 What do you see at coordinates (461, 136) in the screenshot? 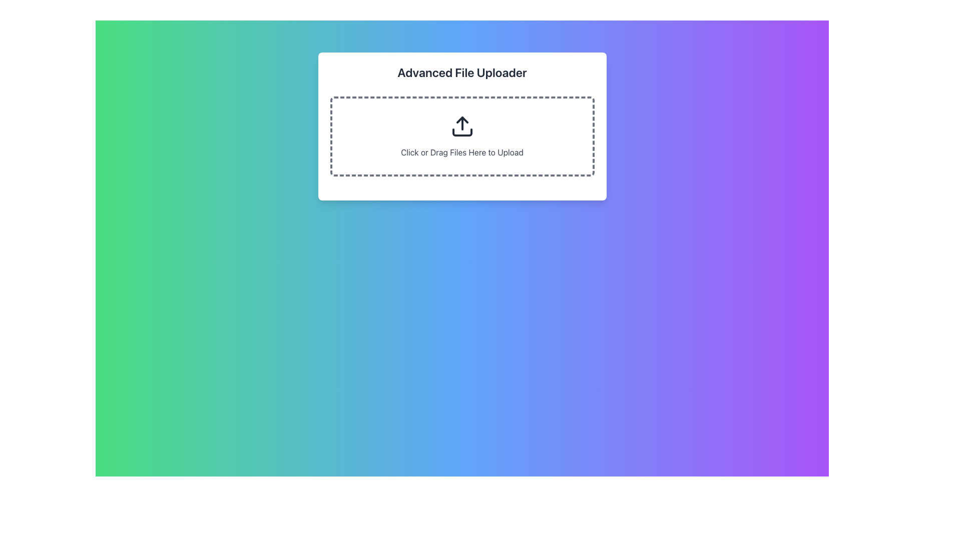
I see `the File Upload Zone, which is a bordered rectangular area with dashed gray lines and an upward arrow icon` at bounding box center [461, 136].